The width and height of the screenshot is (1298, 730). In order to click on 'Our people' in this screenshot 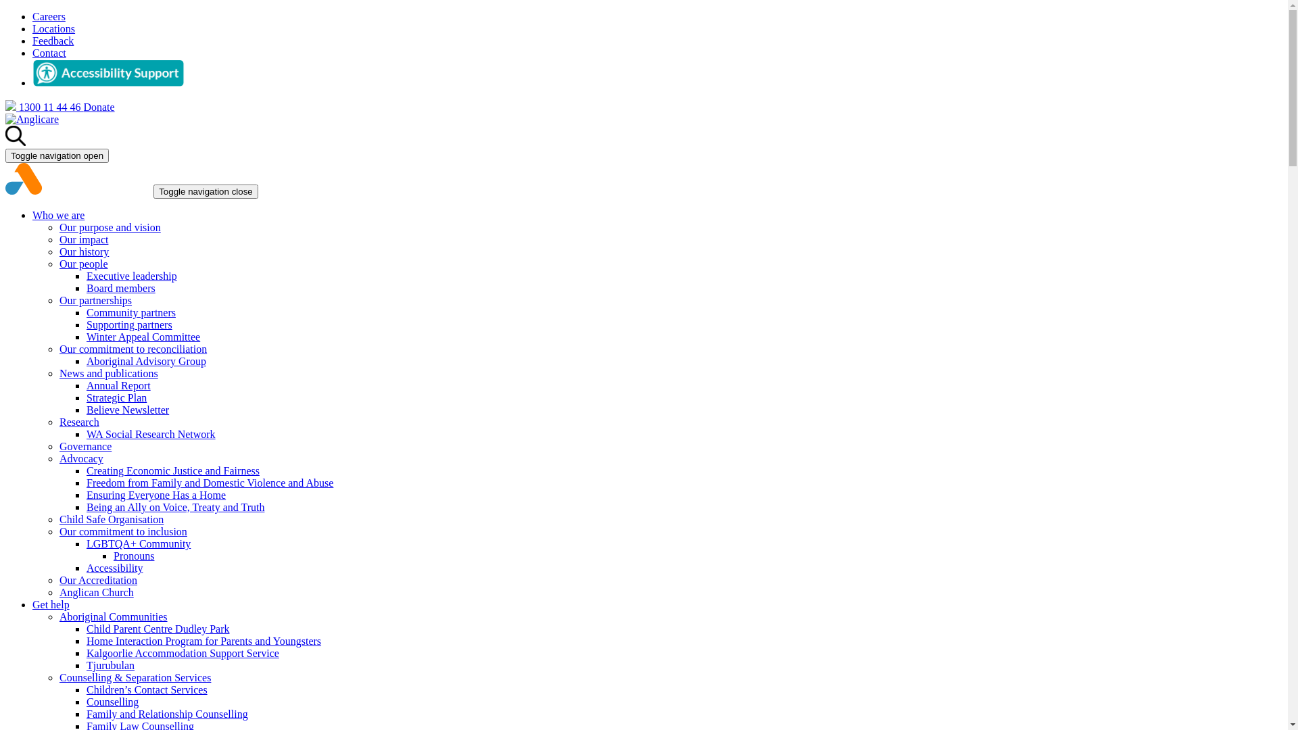, I will do `click(58, 264)`.